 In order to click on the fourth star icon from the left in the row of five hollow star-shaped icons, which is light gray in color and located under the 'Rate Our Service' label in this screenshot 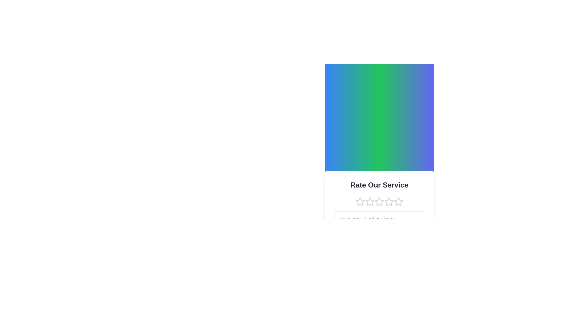, I will do `click(379, 202)`.